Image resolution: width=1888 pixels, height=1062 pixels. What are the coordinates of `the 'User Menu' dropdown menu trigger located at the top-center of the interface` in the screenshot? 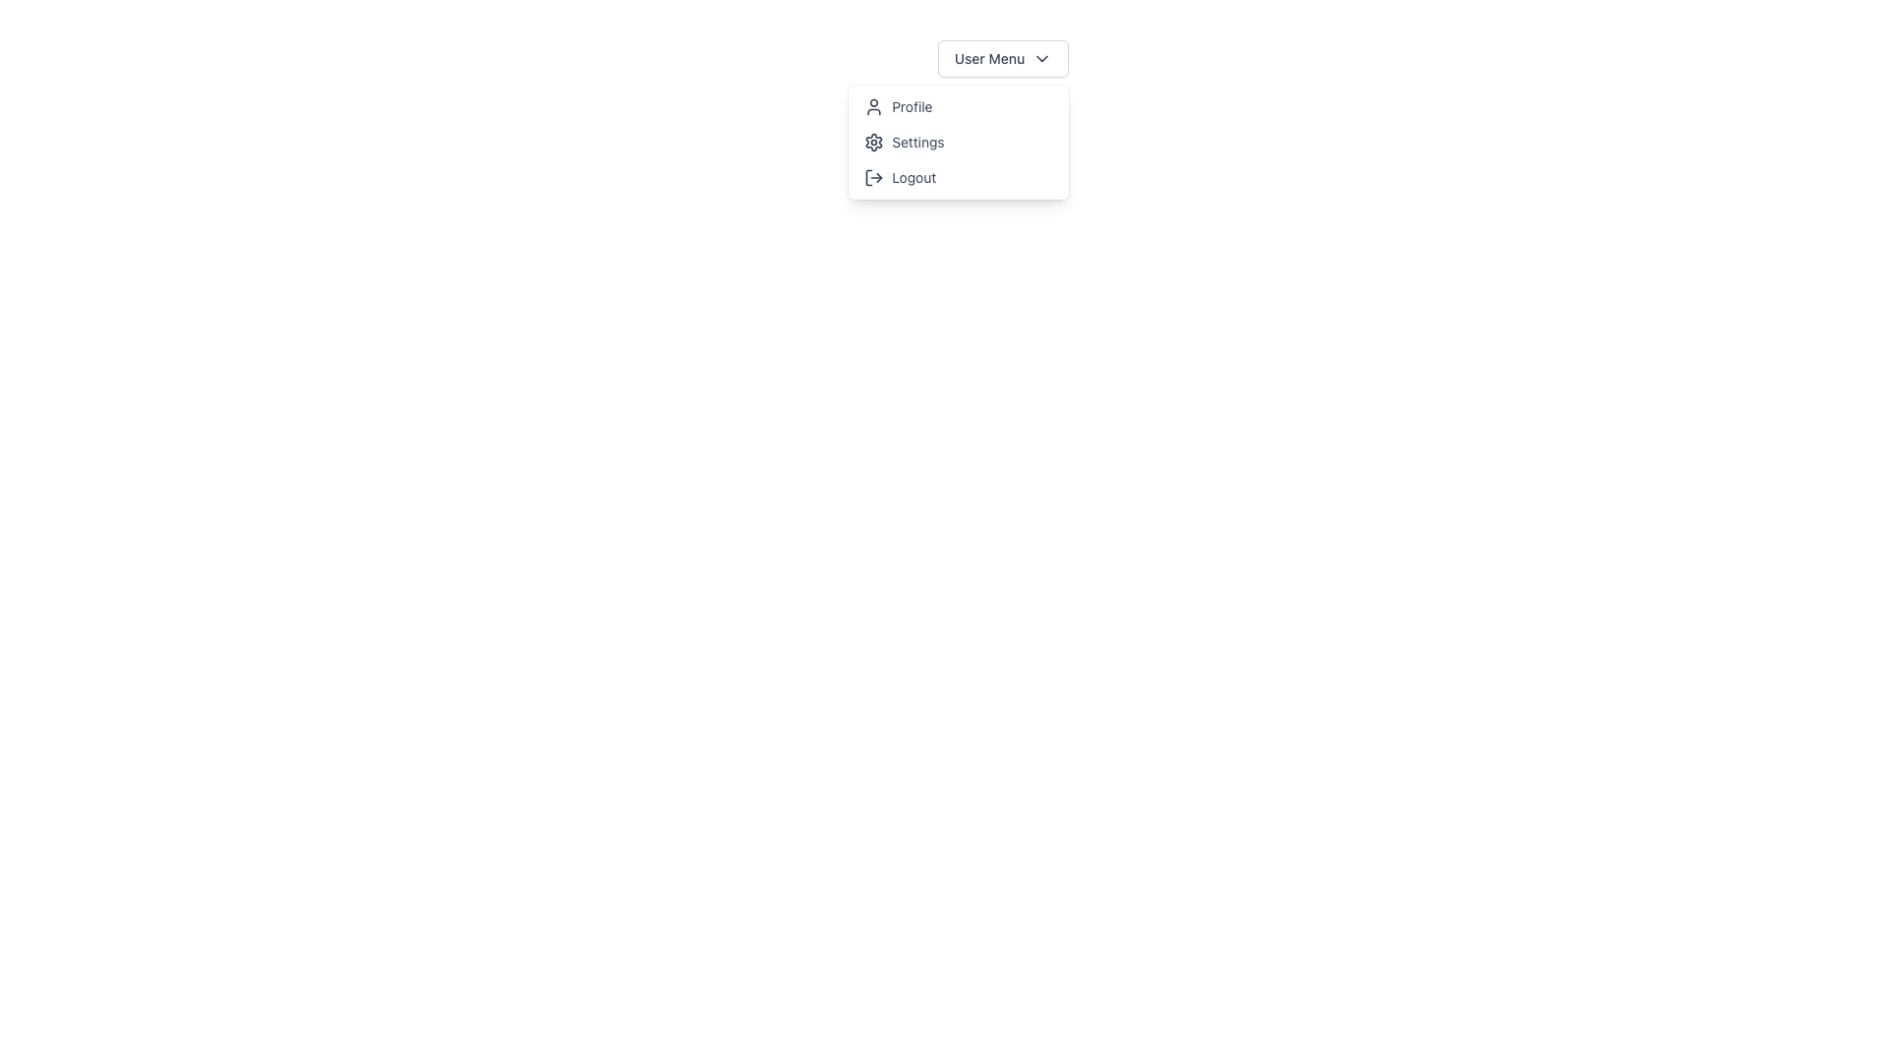 It's located at (1003, 58).